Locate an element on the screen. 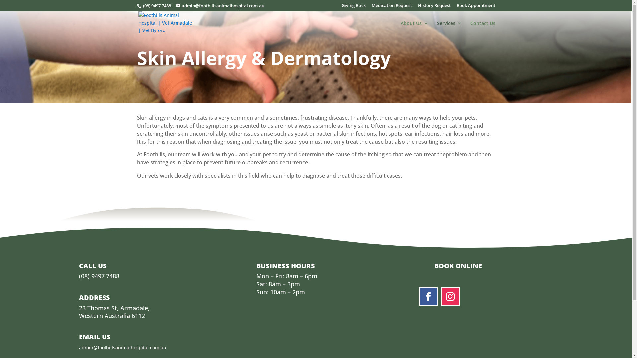 The height and width of the screenshot is (358, 637). 'Follow on Instagram' is located at coordinates (450, 296).